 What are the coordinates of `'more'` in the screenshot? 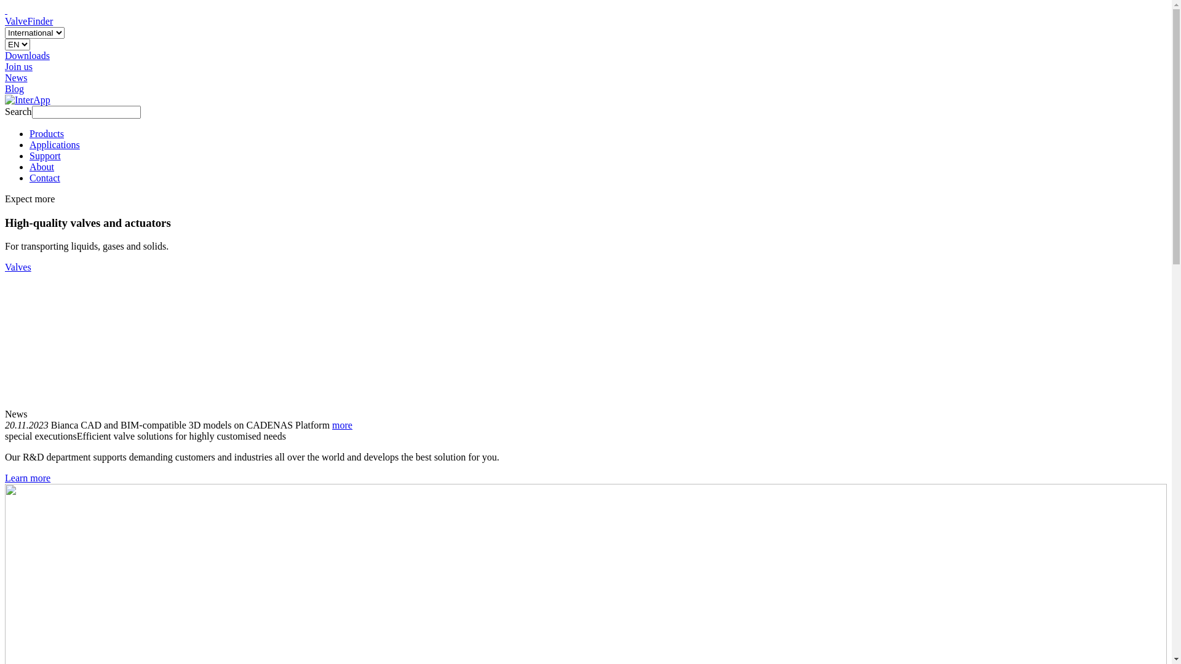 It's located at (342, 424).